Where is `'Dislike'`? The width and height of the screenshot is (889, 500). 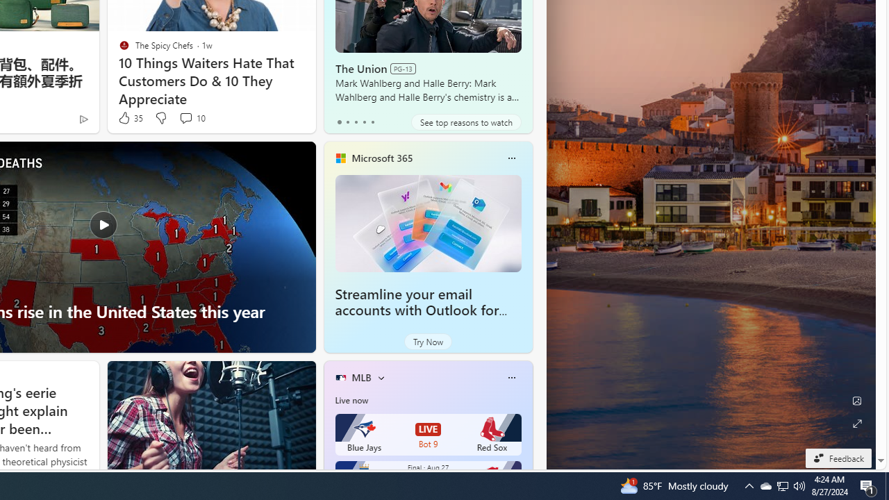
'Dislike' is located at coordinates (160, 117).